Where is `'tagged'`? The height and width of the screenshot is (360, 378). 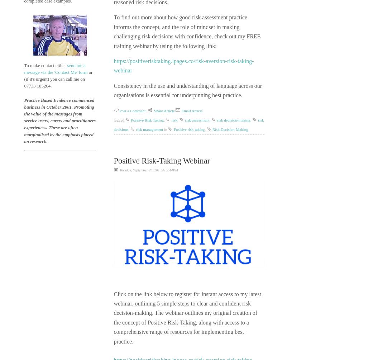 'tagged' is located at coordinates (119, 120).